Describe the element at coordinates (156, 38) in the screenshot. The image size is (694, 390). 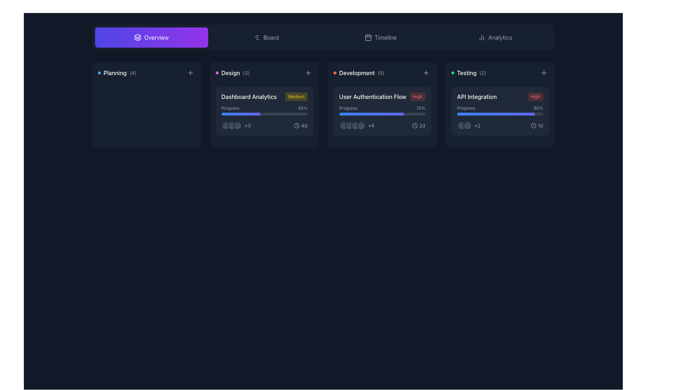
I see `text content of the 'Overview' text label, which is displayed in white on a purple gradient background within a rounded rectangle button` at that location.